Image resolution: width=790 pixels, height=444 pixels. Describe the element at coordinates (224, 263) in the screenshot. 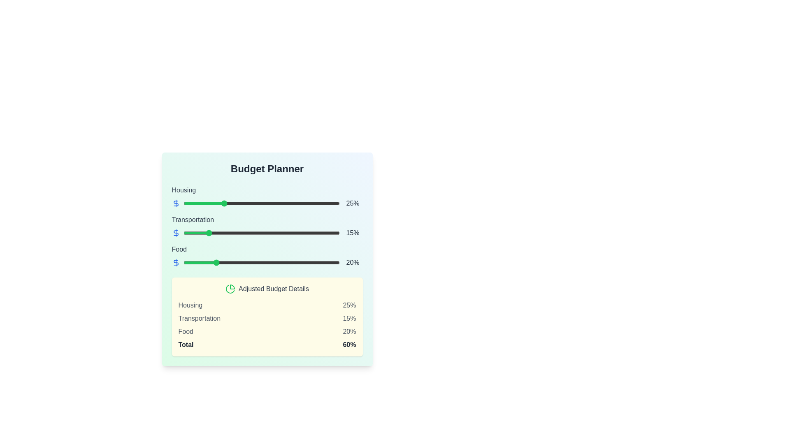

I see `the slider value` at that location.